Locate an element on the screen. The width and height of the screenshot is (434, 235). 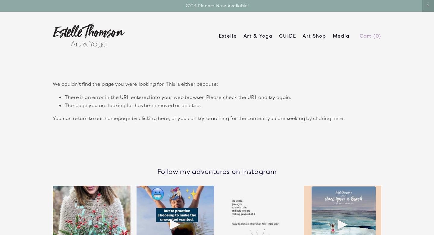
'Art & Yoga' is located at coordinates (257, 36).